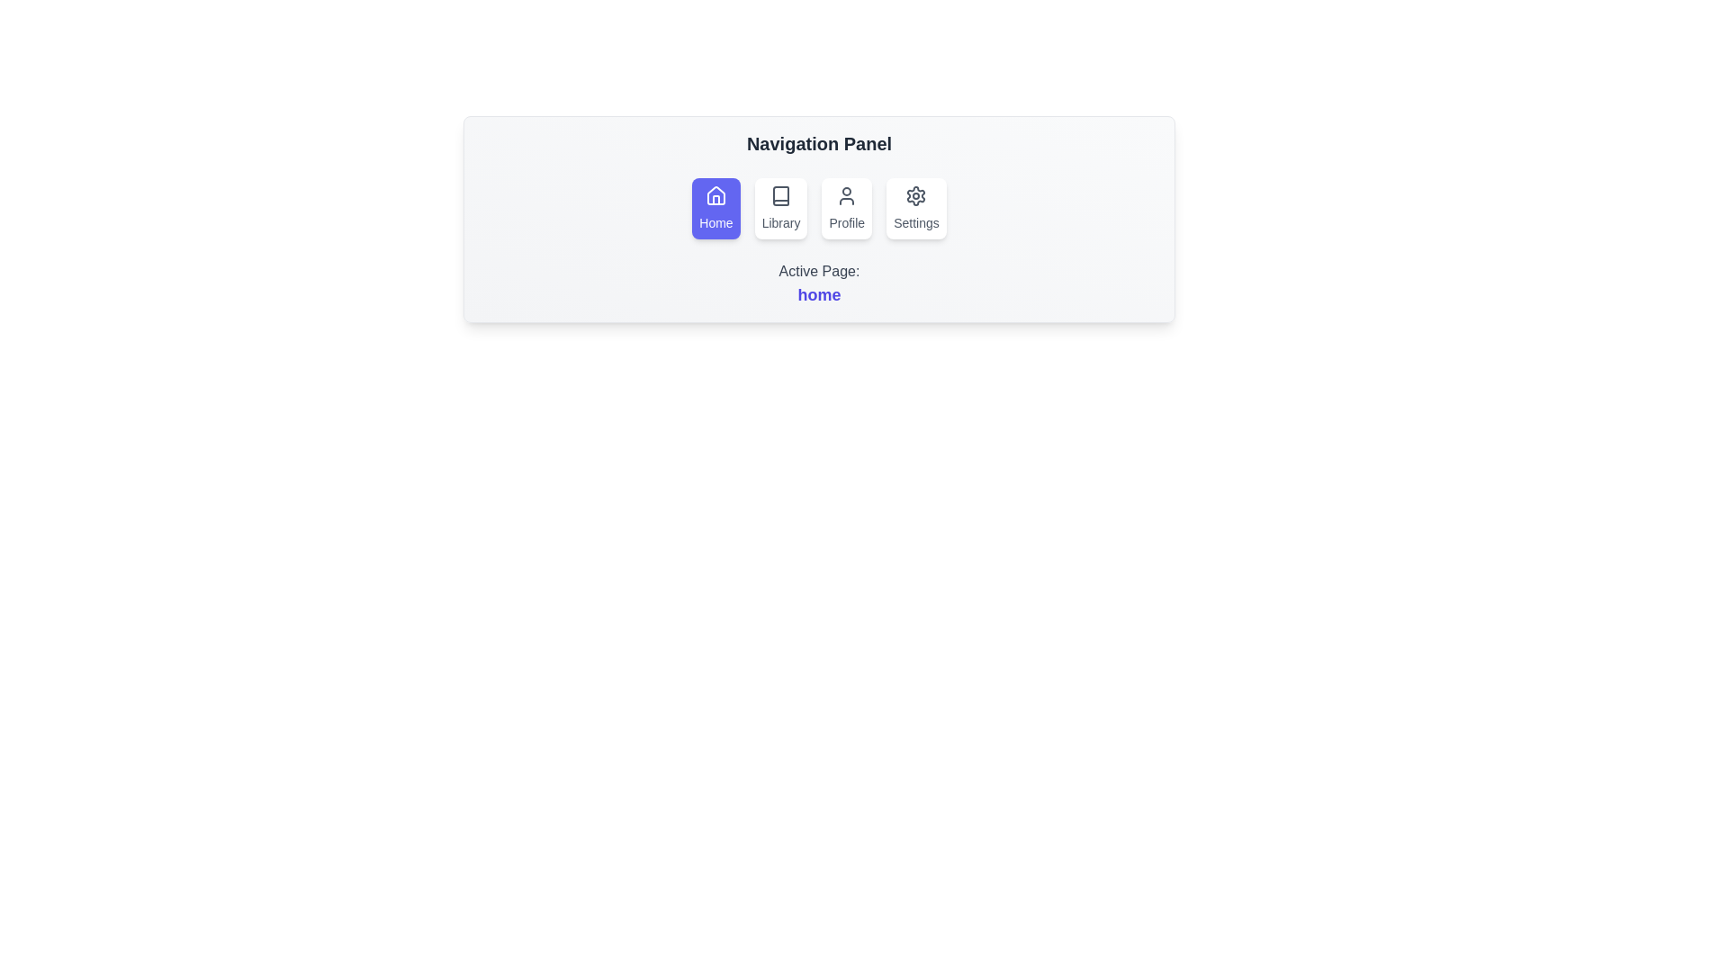 The width and height of the screenshot is (1728, 972). What do you see at coordinates (715, 221) in the screenshot?
I see `the 'Home' text label located centrally within the rounded rectangular button with a purple background, positioned below the house icon in the navigation panel` at bounding box center [715, 221].